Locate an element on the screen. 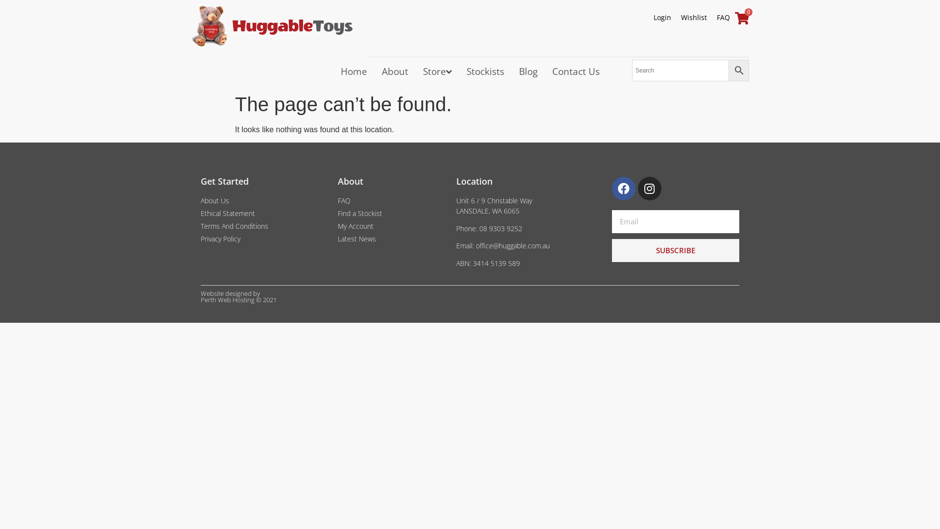  'office@huggable.com.au' is located at coordinates (512, 245).